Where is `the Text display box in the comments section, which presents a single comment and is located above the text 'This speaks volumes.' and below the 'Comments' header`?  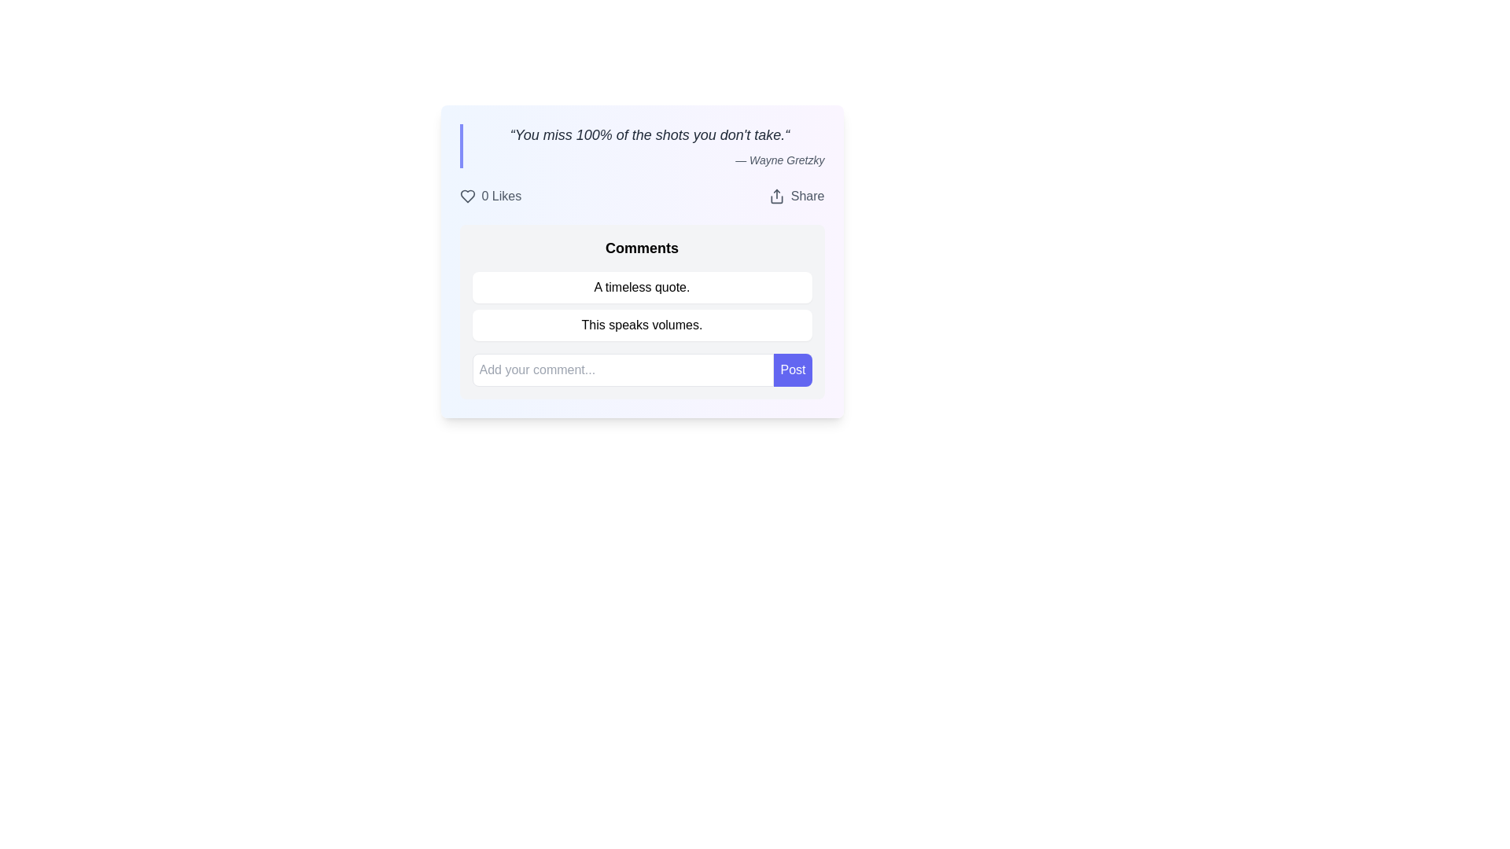 the Text display box in the comments section, which presents a single comment and is located above the text 'This speaks volumes.' and below the 'Comments' header is located at coordinates (642, 288).